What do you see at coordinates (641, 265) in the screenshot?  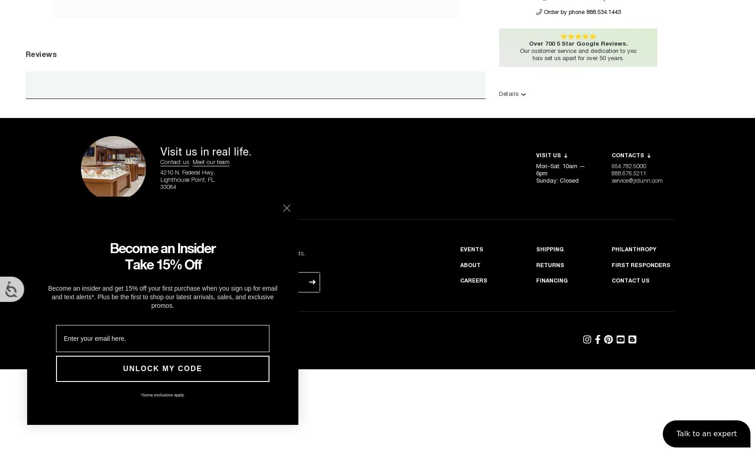 I see `'First Responders'` at bounding box center [641, 265].